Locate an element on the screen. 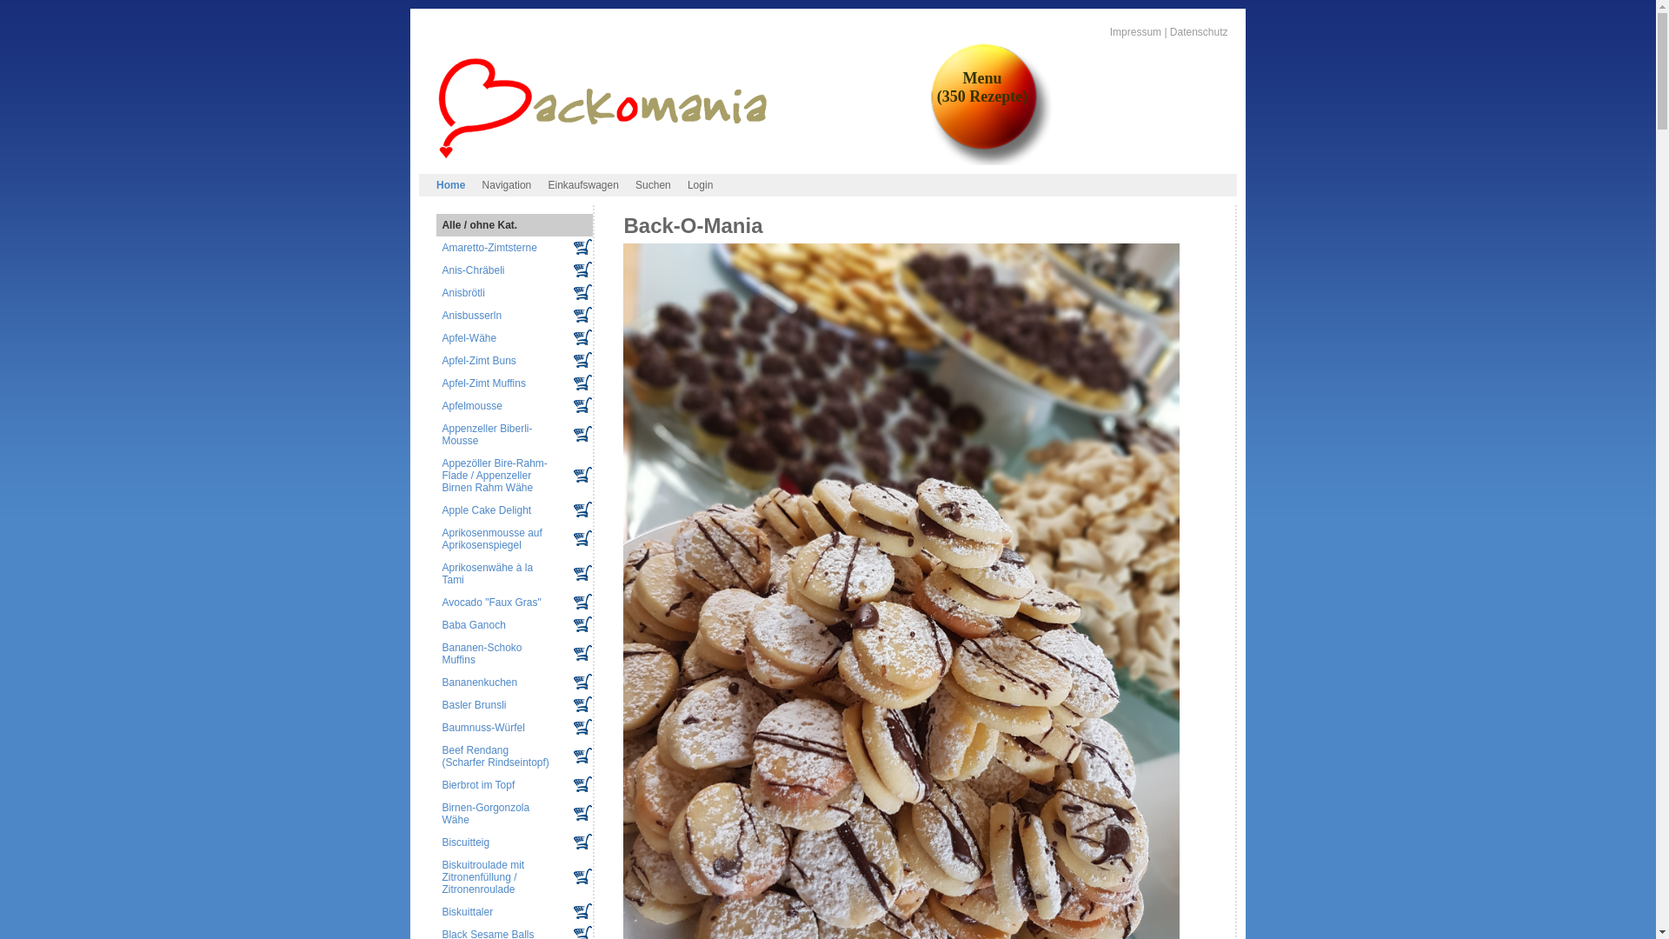 This screenshot has width=1669, height=939. 'Amaretto-Zimtsterne' is located at coordinates (488, 248).